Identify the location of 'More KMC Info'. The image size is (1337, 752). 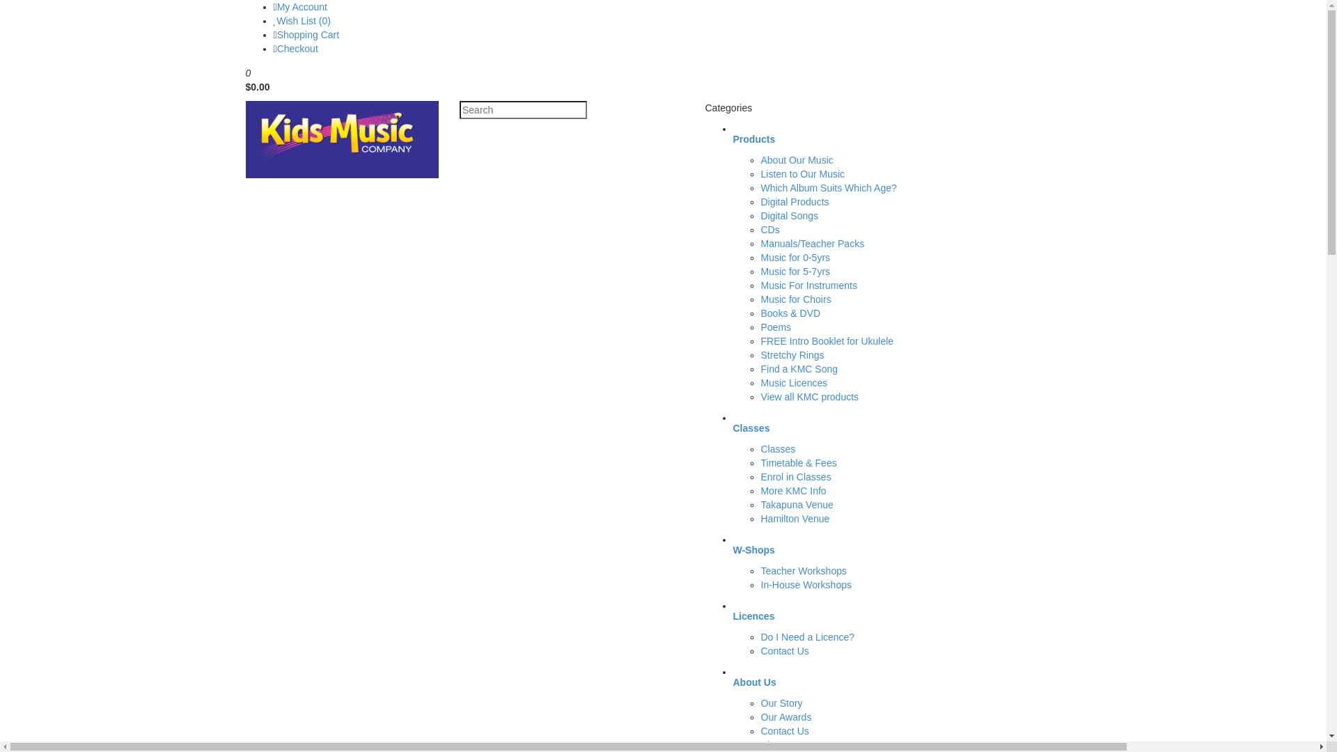
(792, 490).